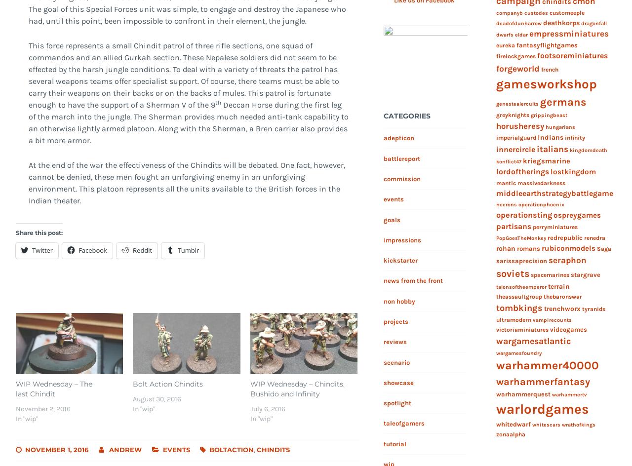  I want to click on 'perryminiatures', so click(554, 227).